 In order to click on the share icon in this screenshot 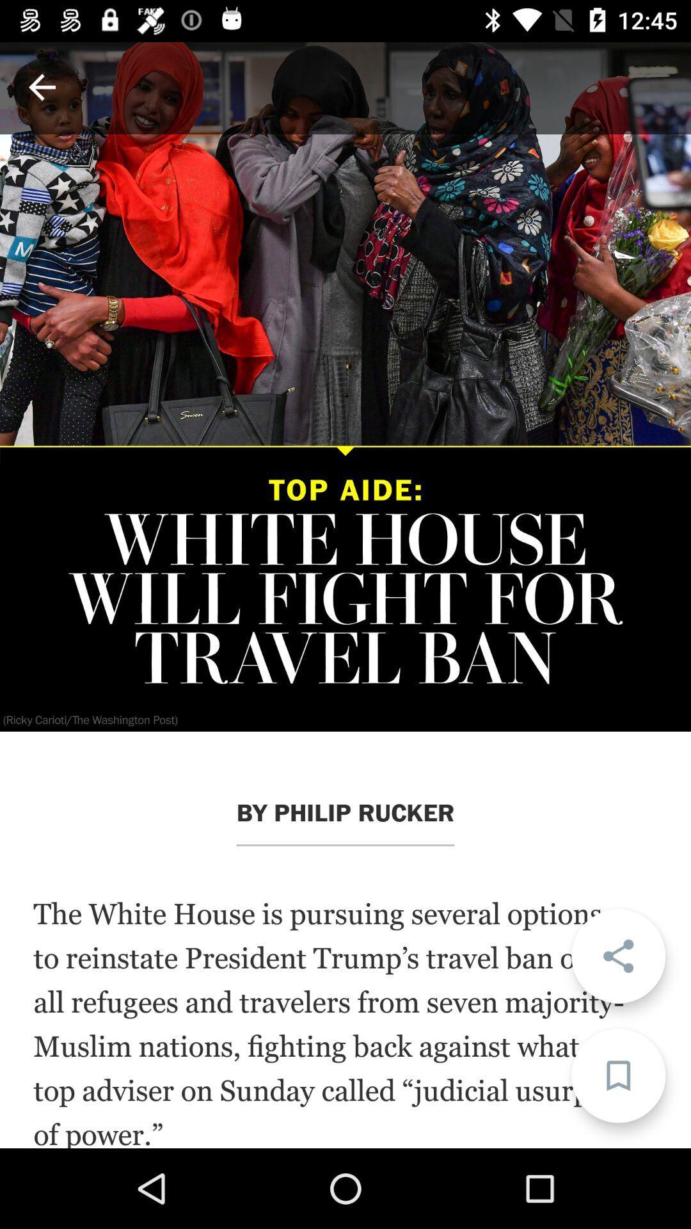, I will do `click(617, 956)`.